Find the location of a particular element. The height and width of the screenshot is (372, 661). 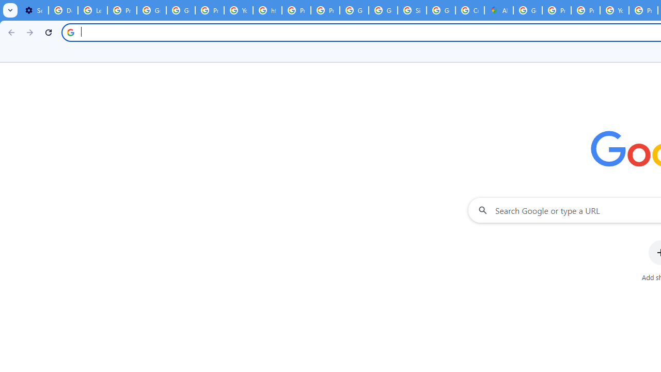

'YouTube' is located at coordinates (238, 10).